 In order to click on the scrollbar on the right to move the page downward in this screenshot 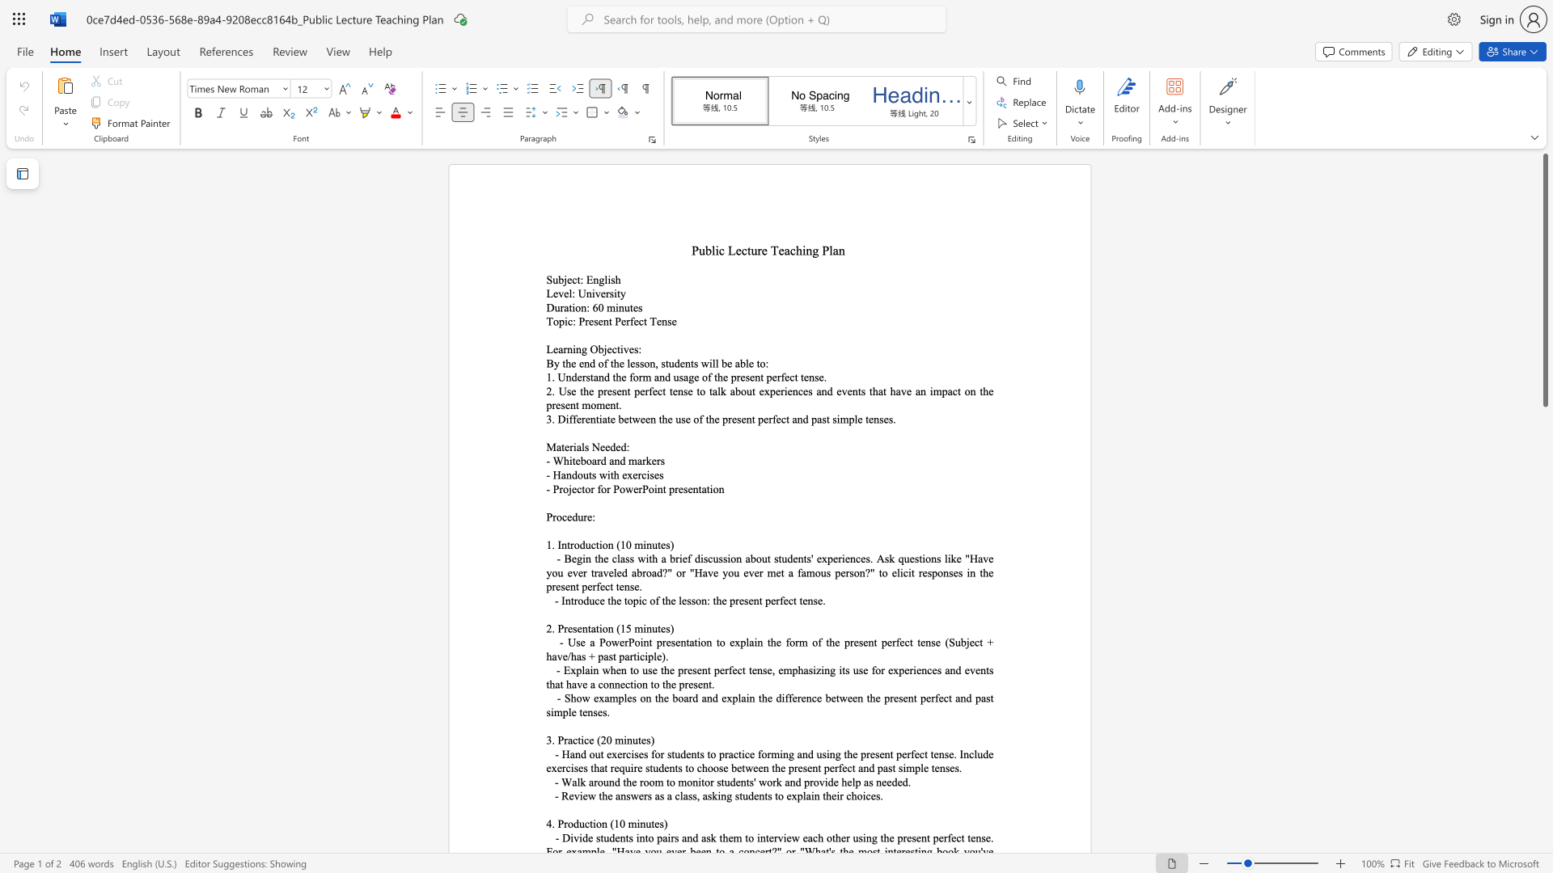, I will do `click(1544, 744)`.